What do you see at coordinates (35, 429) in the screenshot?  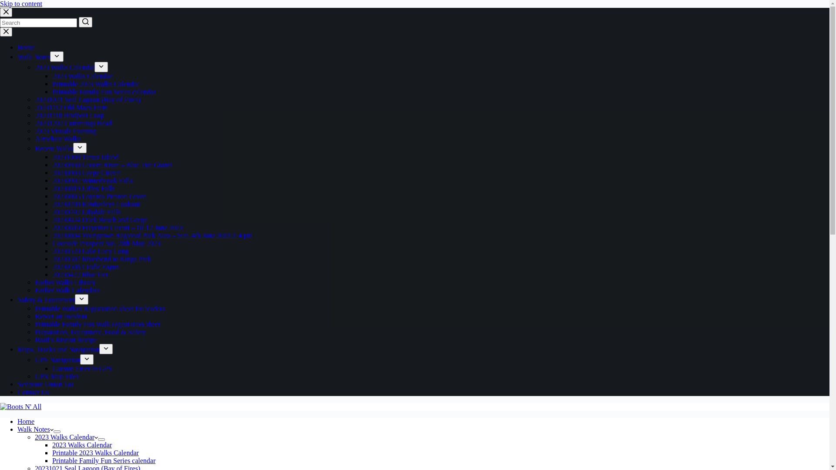 I see `'Walk Notes'` at bounding box center [35, 429].